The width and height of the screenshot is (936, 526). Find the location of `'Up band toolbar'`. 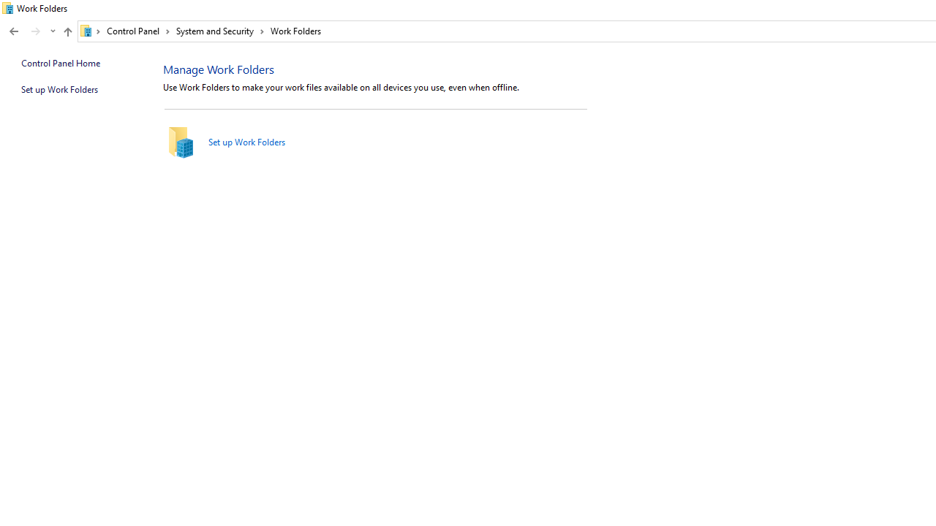

'Up band toolbar' is located at coordinates (67, 33).